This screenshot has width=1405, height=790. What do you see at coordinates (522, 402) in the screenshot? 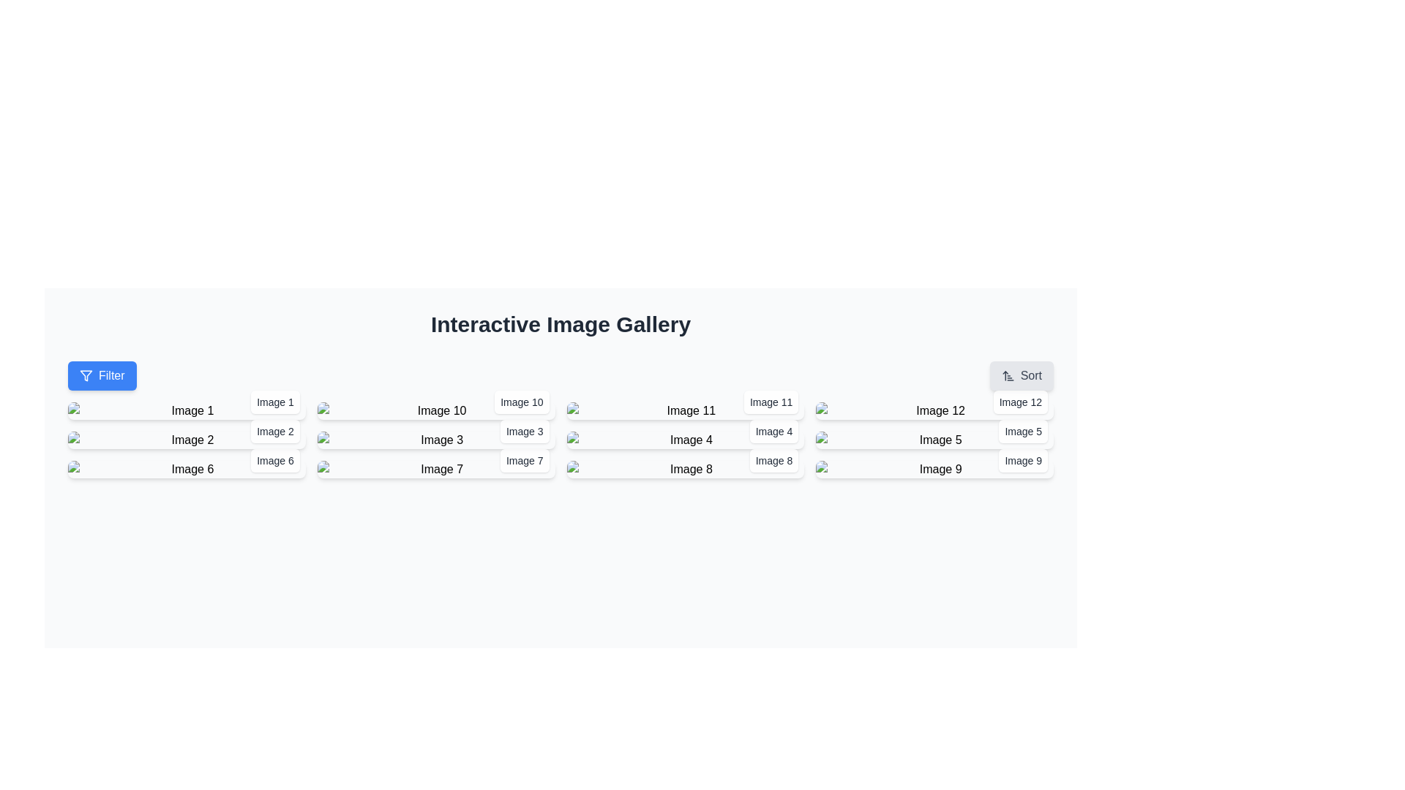
I see `the static text label displaying 'Image 10', which is styled in gray color and located at the bottom-right corner of the image box in the second row and second column of the grid` at bounding box center [522, 402].